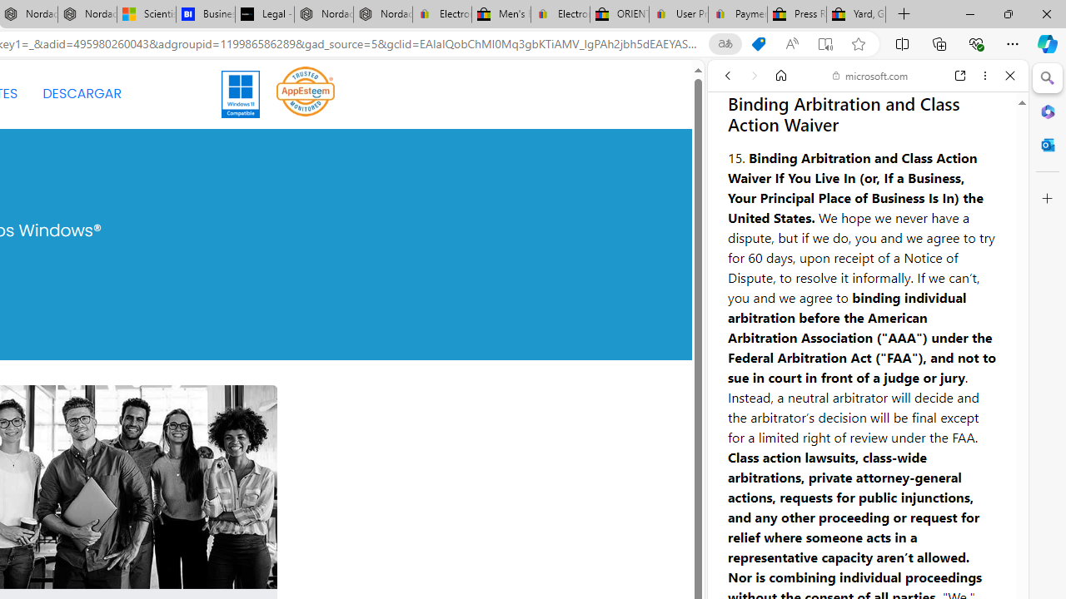  Describe the element at coordinates (1047, 78) in the screenshot. I see `'Minimize Search pane'` at that location.